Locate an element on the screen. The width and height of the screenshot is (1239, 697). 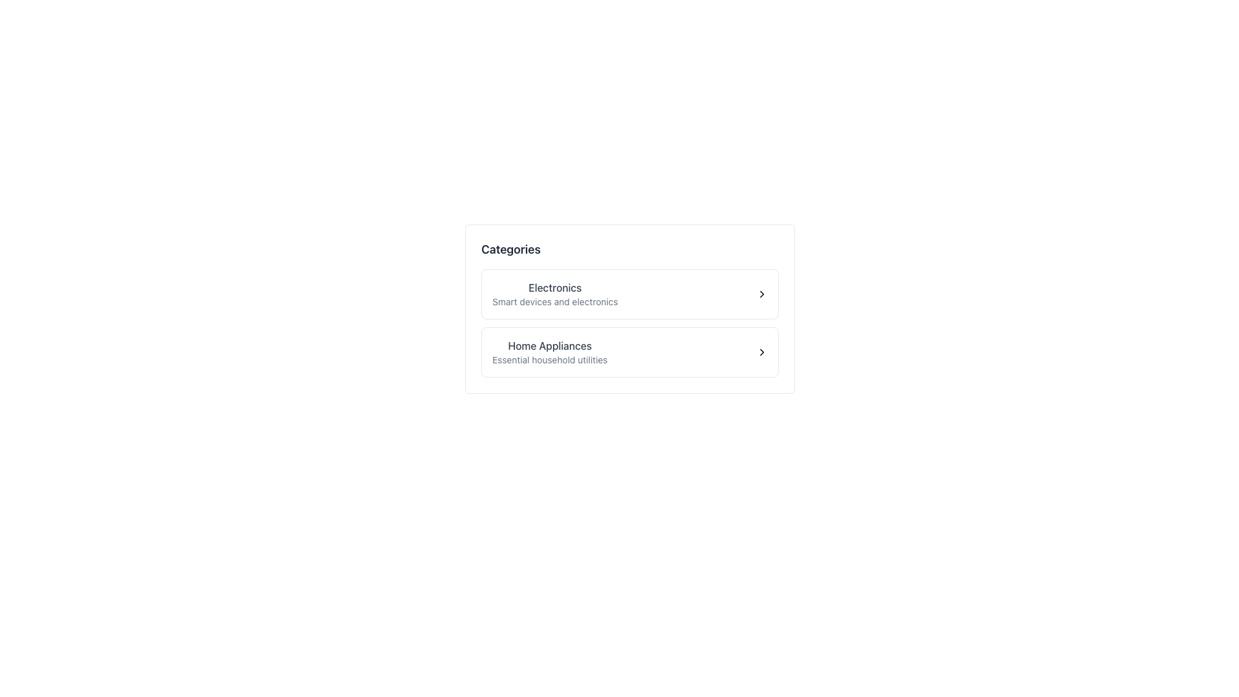
the visual indicator icon located to the right of the 'Home Appliances' option in the 'Categories' section is located at coordinates (761, 352).